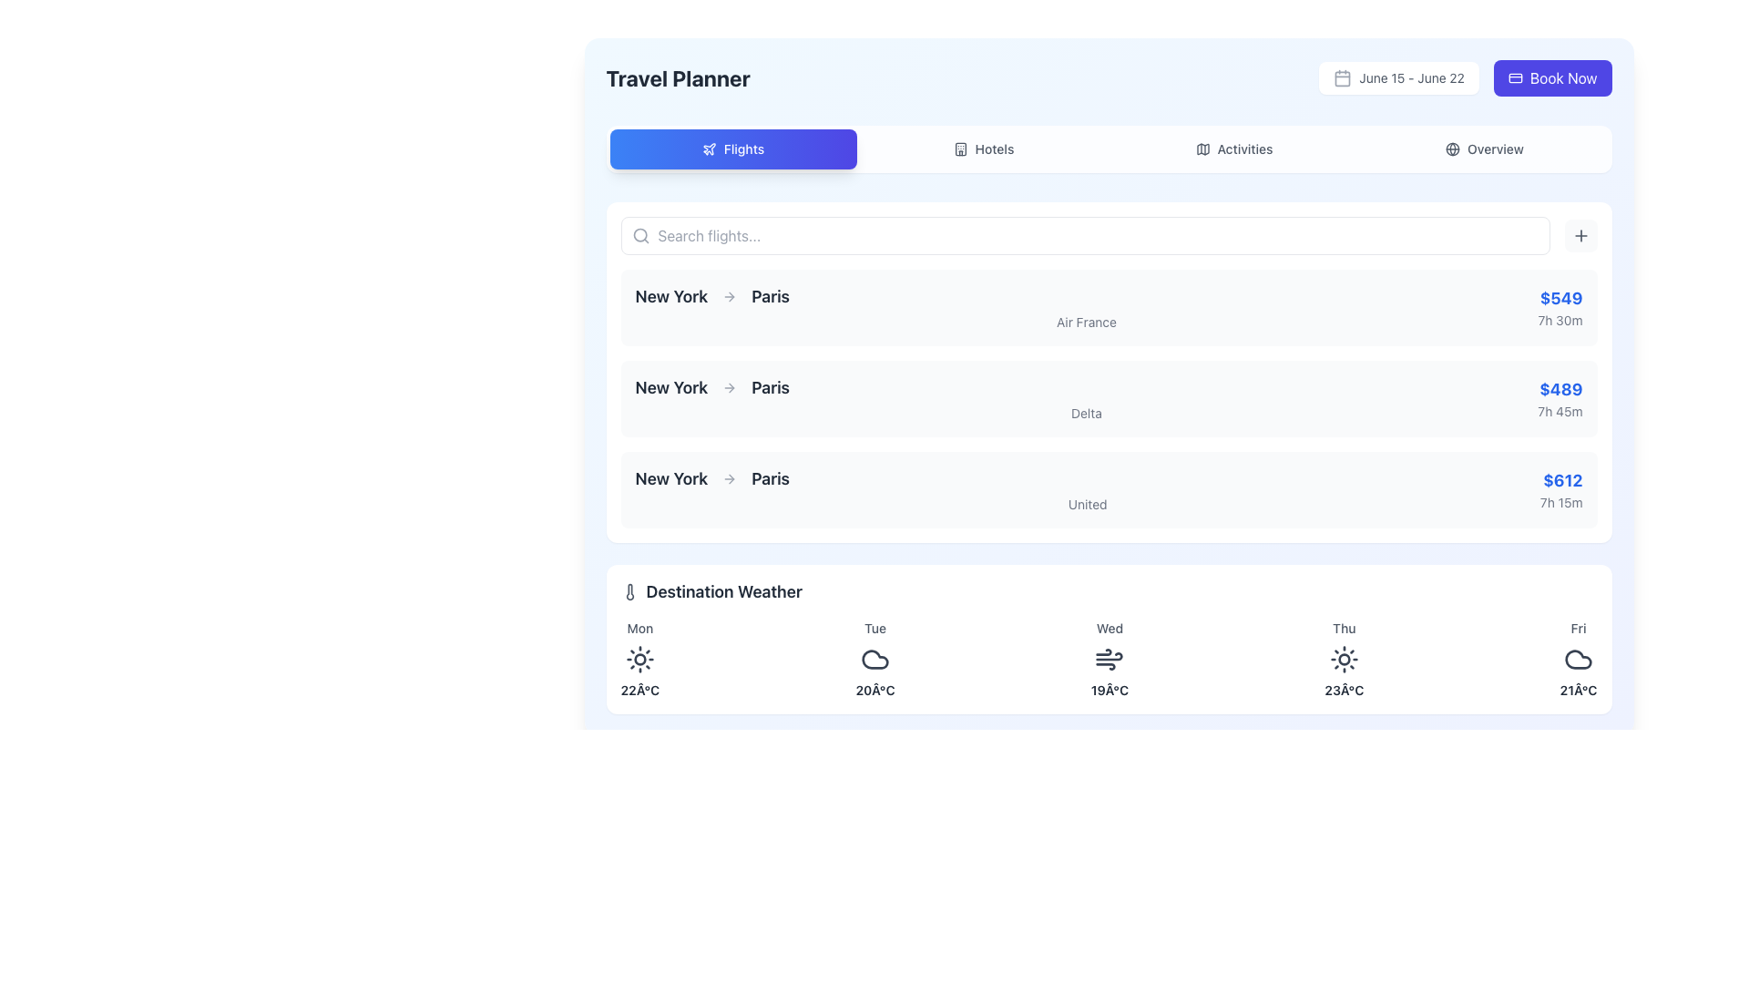 Image resolution: width=1749 pixels, height=984 pixels. Describe the element at coordinates (1560, 480) in the screenshot. I see `the text display element that shows the price of the flight option for 'United', located in the third column and third row of the flight options section` at that location.